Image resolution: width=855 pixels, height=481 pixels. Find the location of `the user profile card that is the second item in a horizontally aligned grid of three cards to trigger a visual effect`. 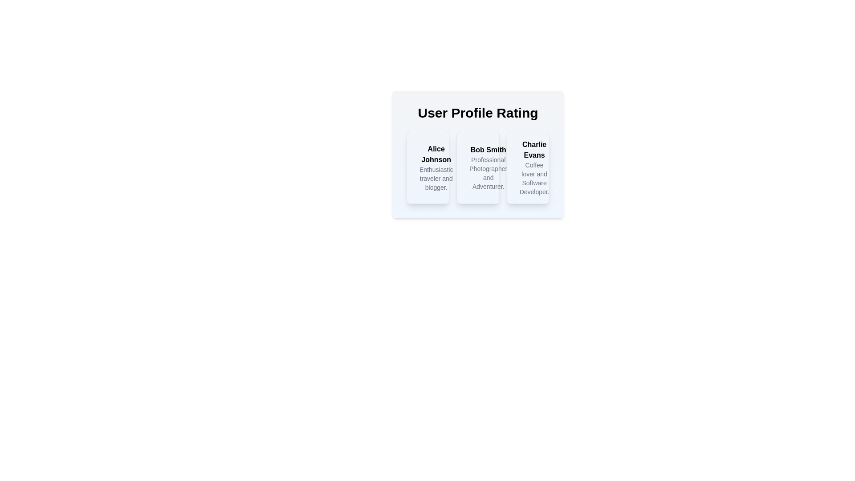

the user profile card that is the second item in a horizontally aligned grid of three cards to trigger a visual effect is located at coordinates (477, 154).